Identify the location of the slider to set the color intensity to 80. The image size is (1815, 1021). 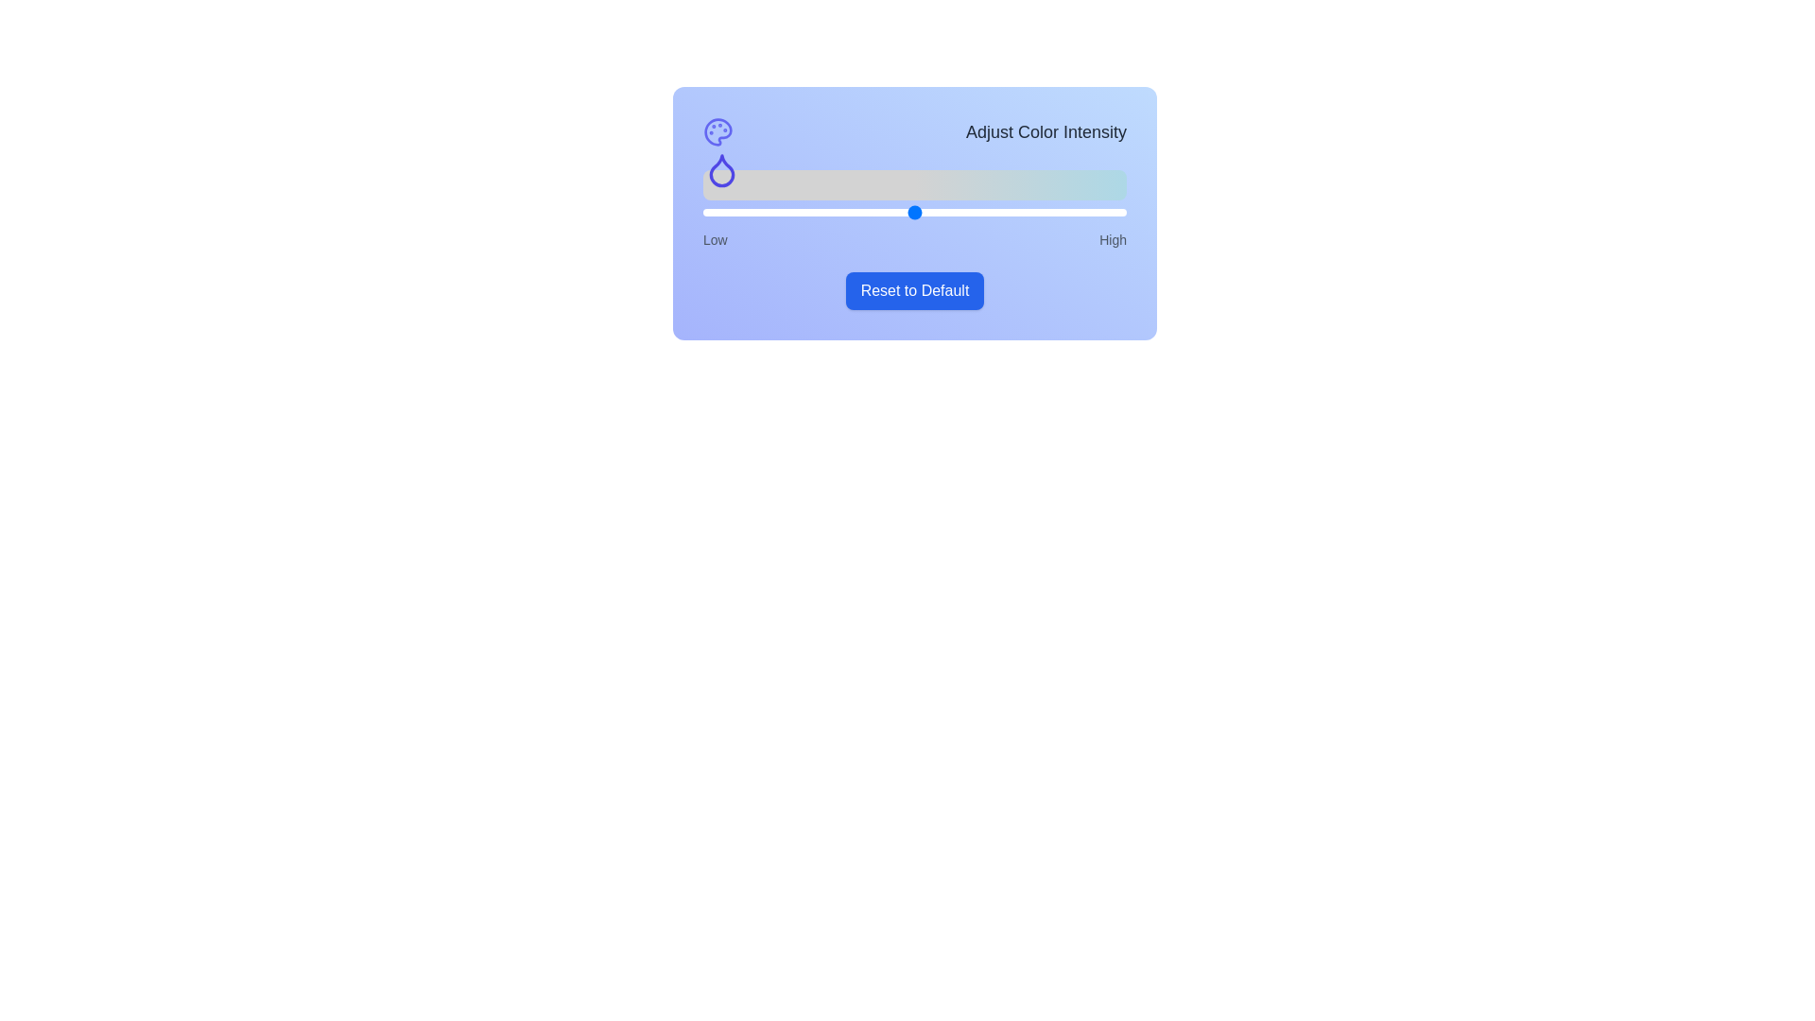
(1041, 212).